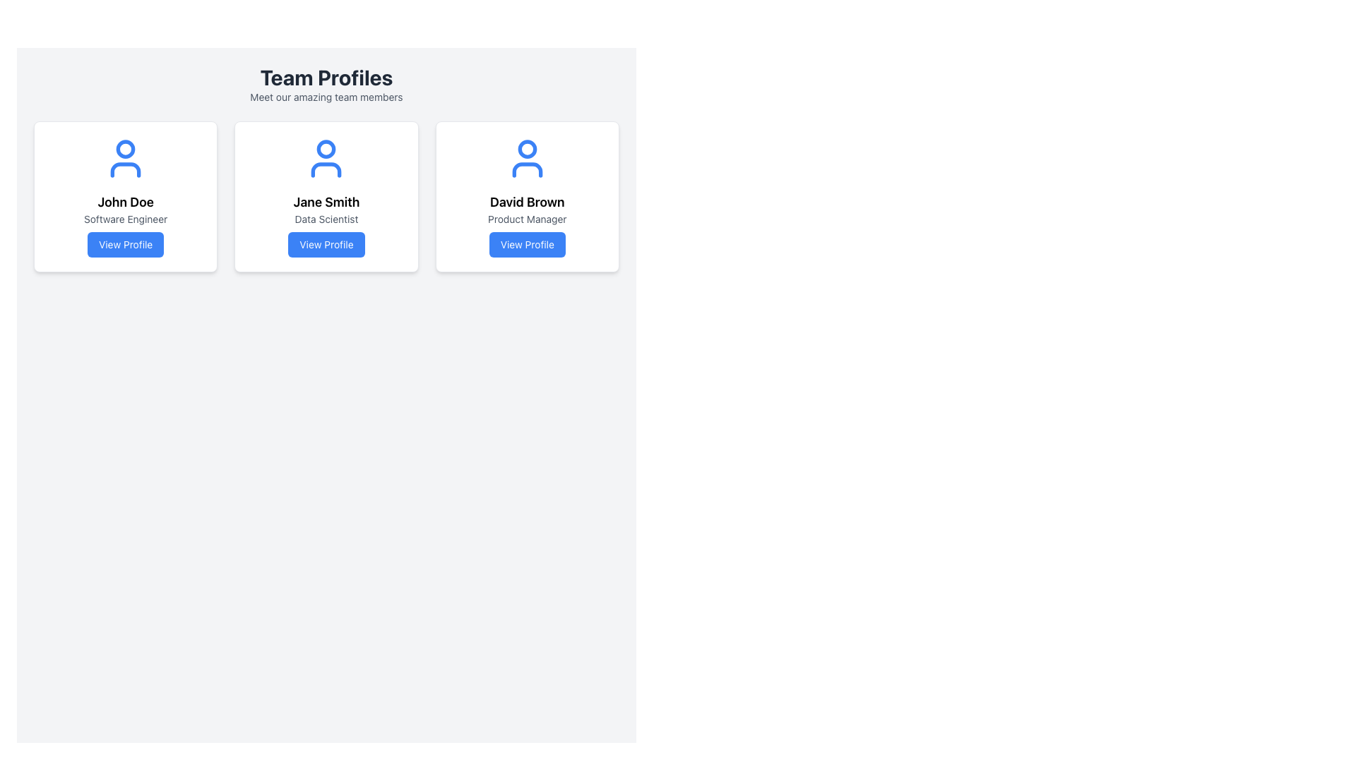  I want to click on the text label reading 'Software Engineer', which is styled with a smaller gray font and positioned directly below the name 'John Doe' in the card, so click(126, 219).